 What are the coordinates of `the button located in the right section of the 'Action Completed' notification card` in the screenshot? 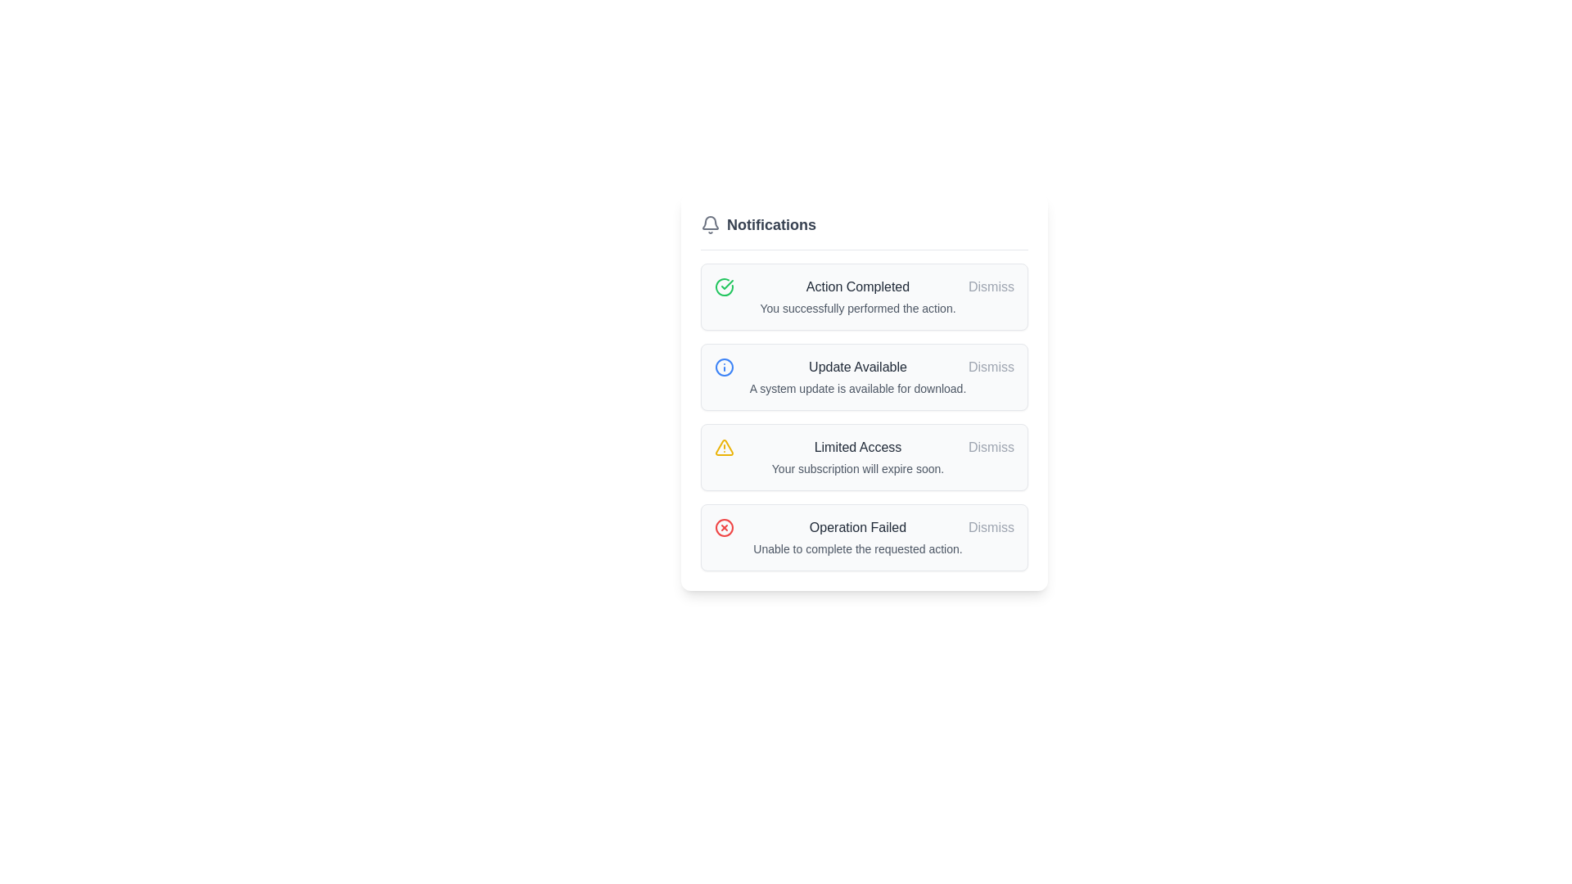 It's located at (990, 286).